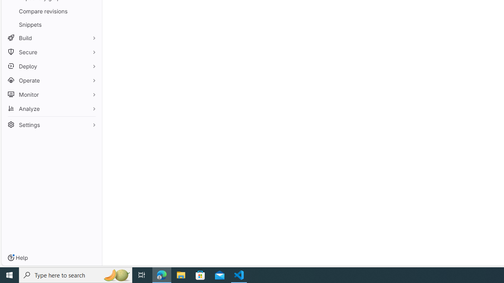 This screenshot has height=283, width=504. What do you see at coordinates (51, 94) in the screenshot?
I see `'Monitor'` at bounding box center [51, 94].